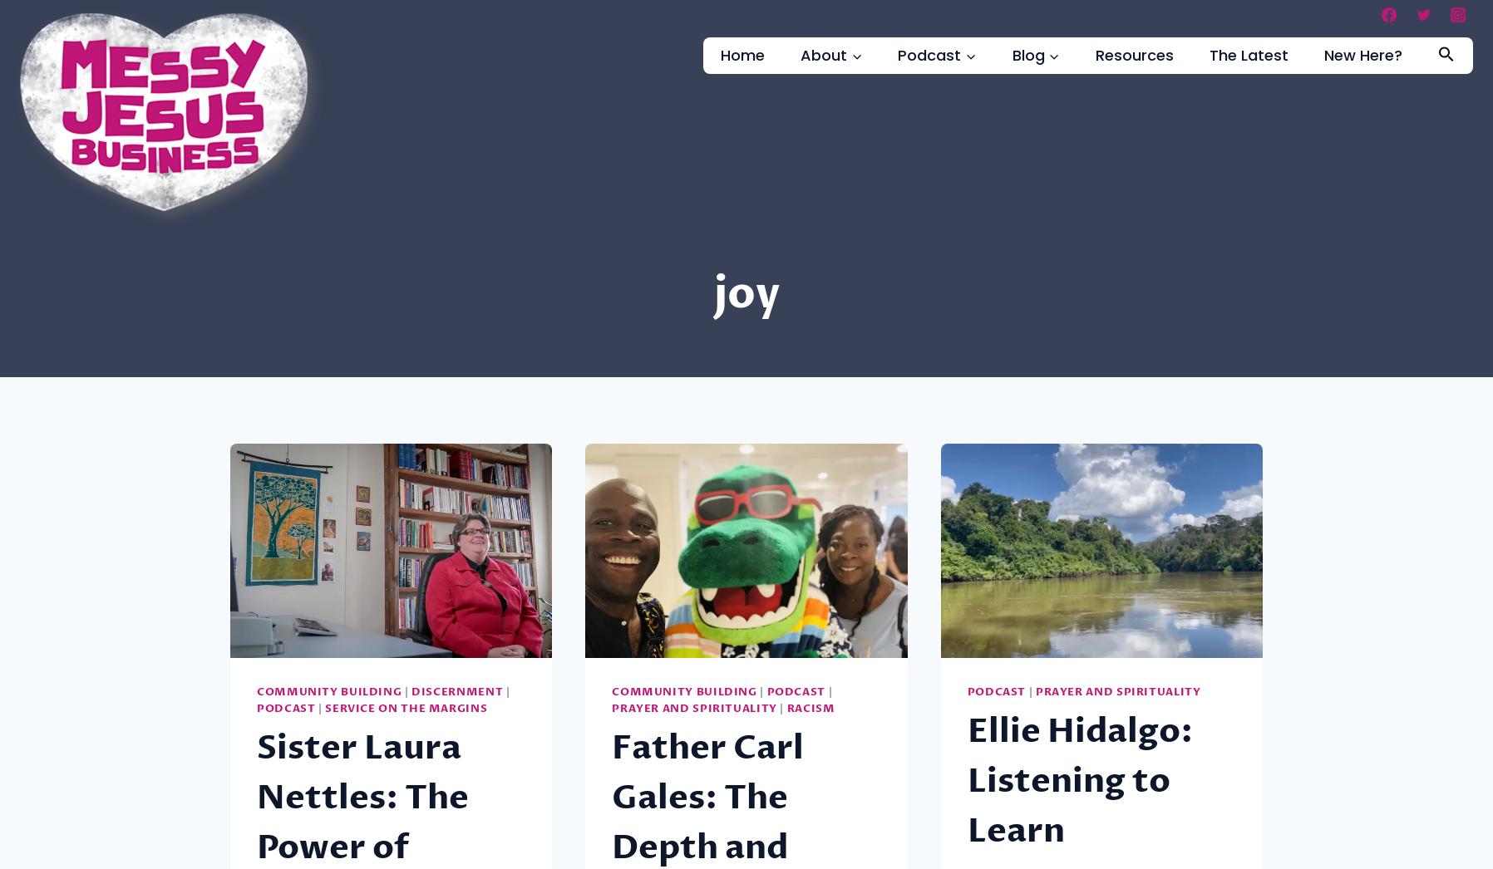  I want to click on 'Service on the Margins', so click(405, 708).